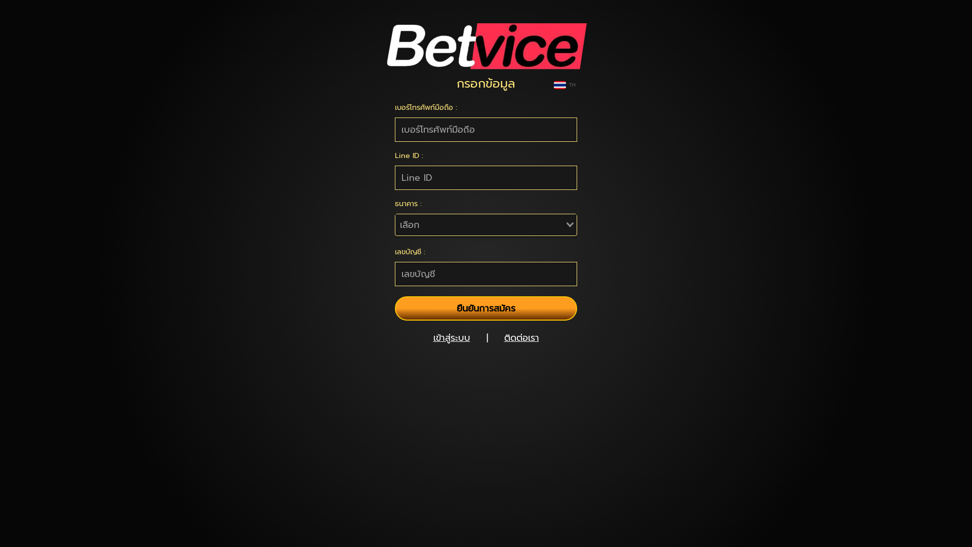 This screenshot has height=547, width=972. What do you see at coordinates (566, 84) in the screenshot?
I see `'TH'` at bounding box center [566, 84].